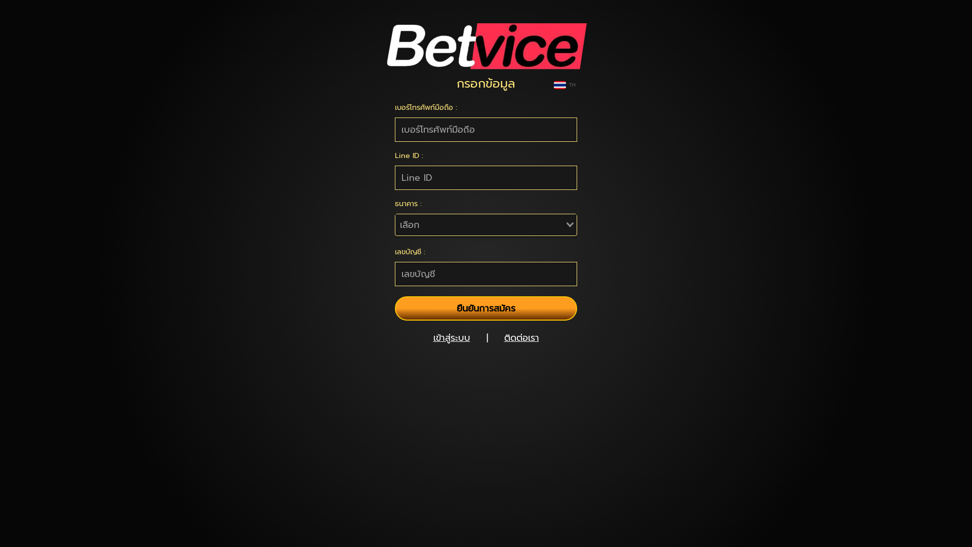 This screenshot has height=547, width=972. What do you see at coordinates (566, 84) in the screenshot?
I see `'TH'` at bounding box center [566, 84].